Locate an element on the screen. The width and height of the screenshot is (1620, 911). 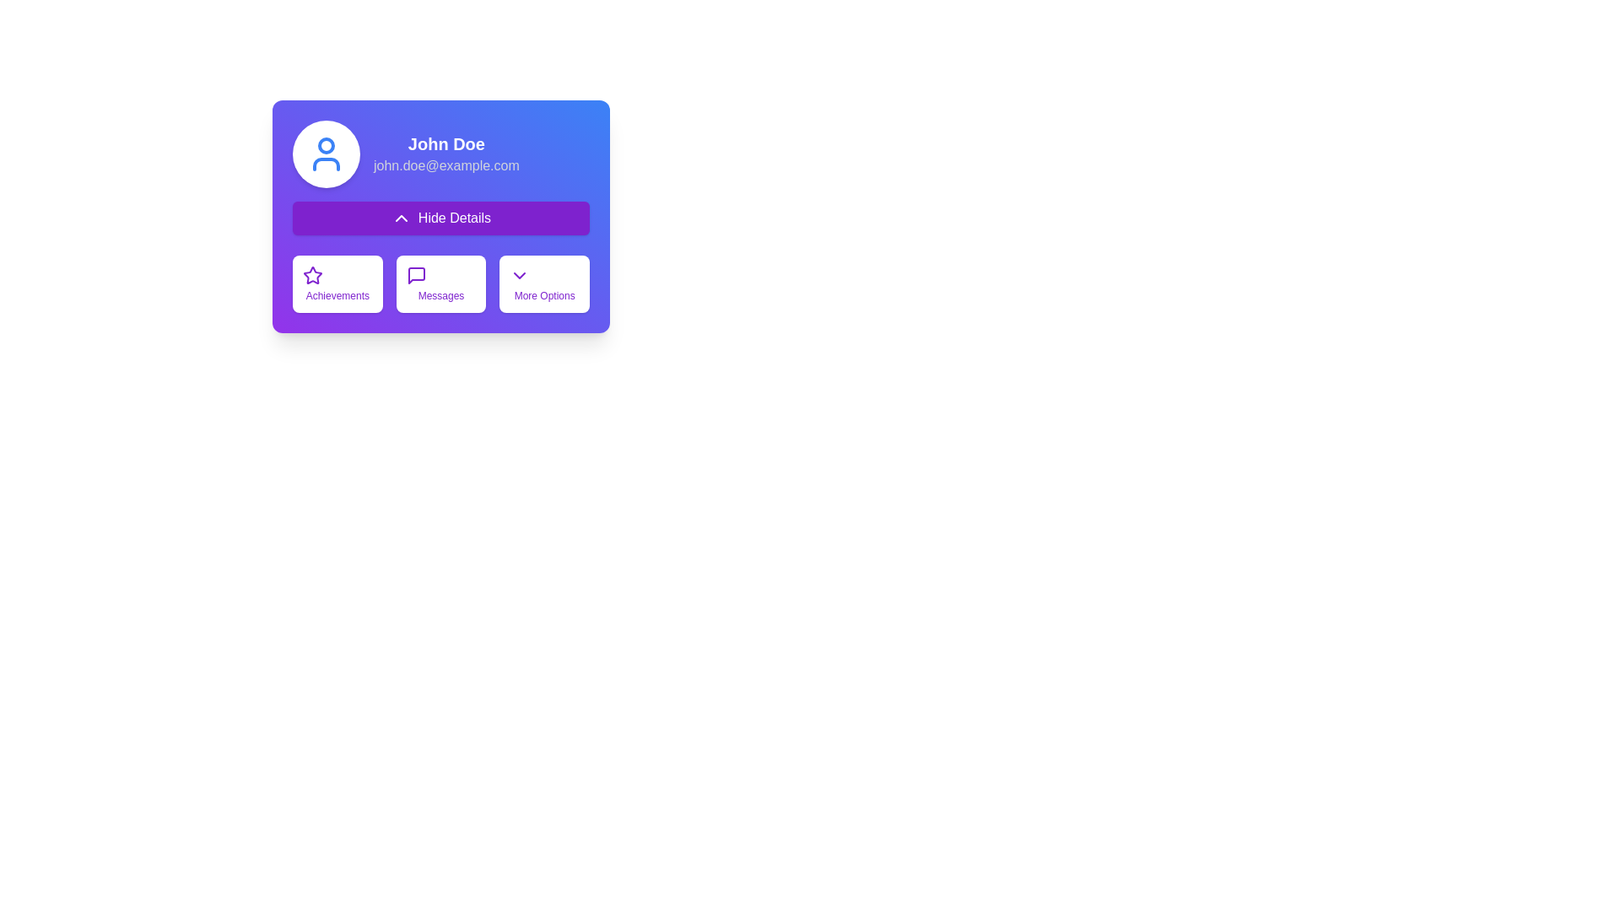
the circular profile icon element located at the top half of the user icon, which is represented by a small concentric circle is located at coordinates (327, 145).